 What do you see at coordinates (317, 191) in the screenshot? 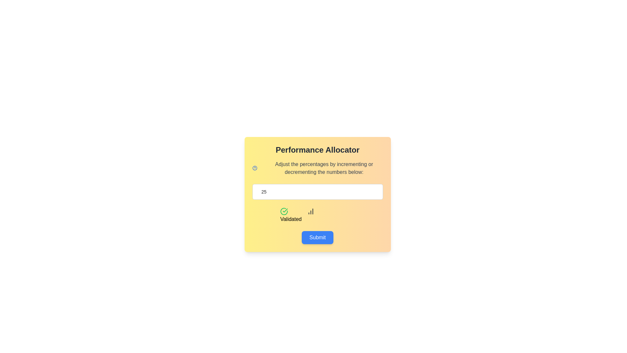
I see `the Numeric Input Field, which is a rounded rectangular input area with a white background and light gray border, to focus on it for editing` at bounding box center [317, 191].